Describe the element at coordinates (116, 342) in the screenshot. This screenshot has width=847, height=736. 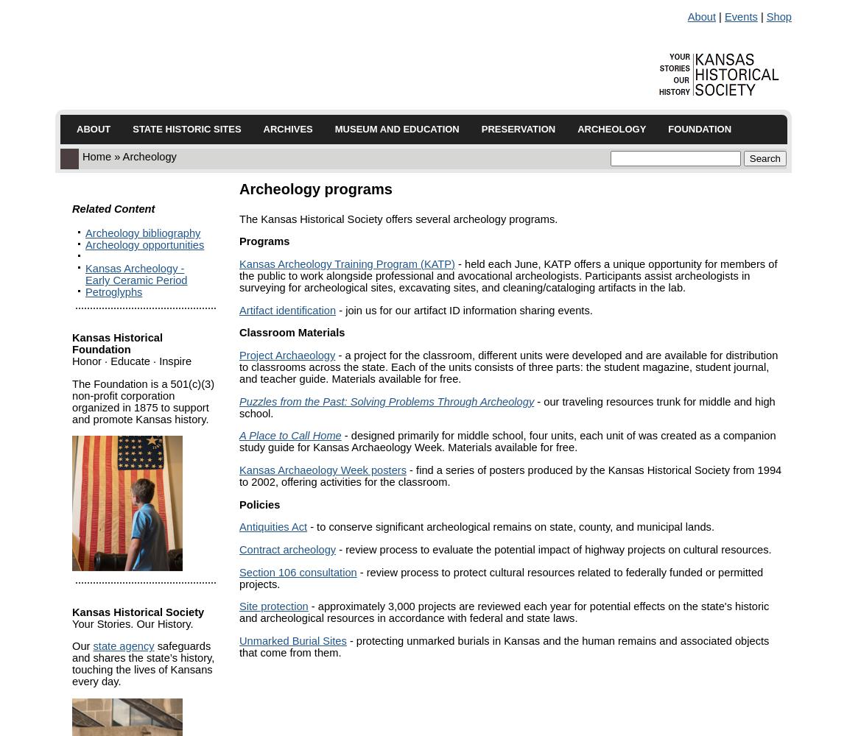
I see `'Kansas Historical Foundation'` at that location.